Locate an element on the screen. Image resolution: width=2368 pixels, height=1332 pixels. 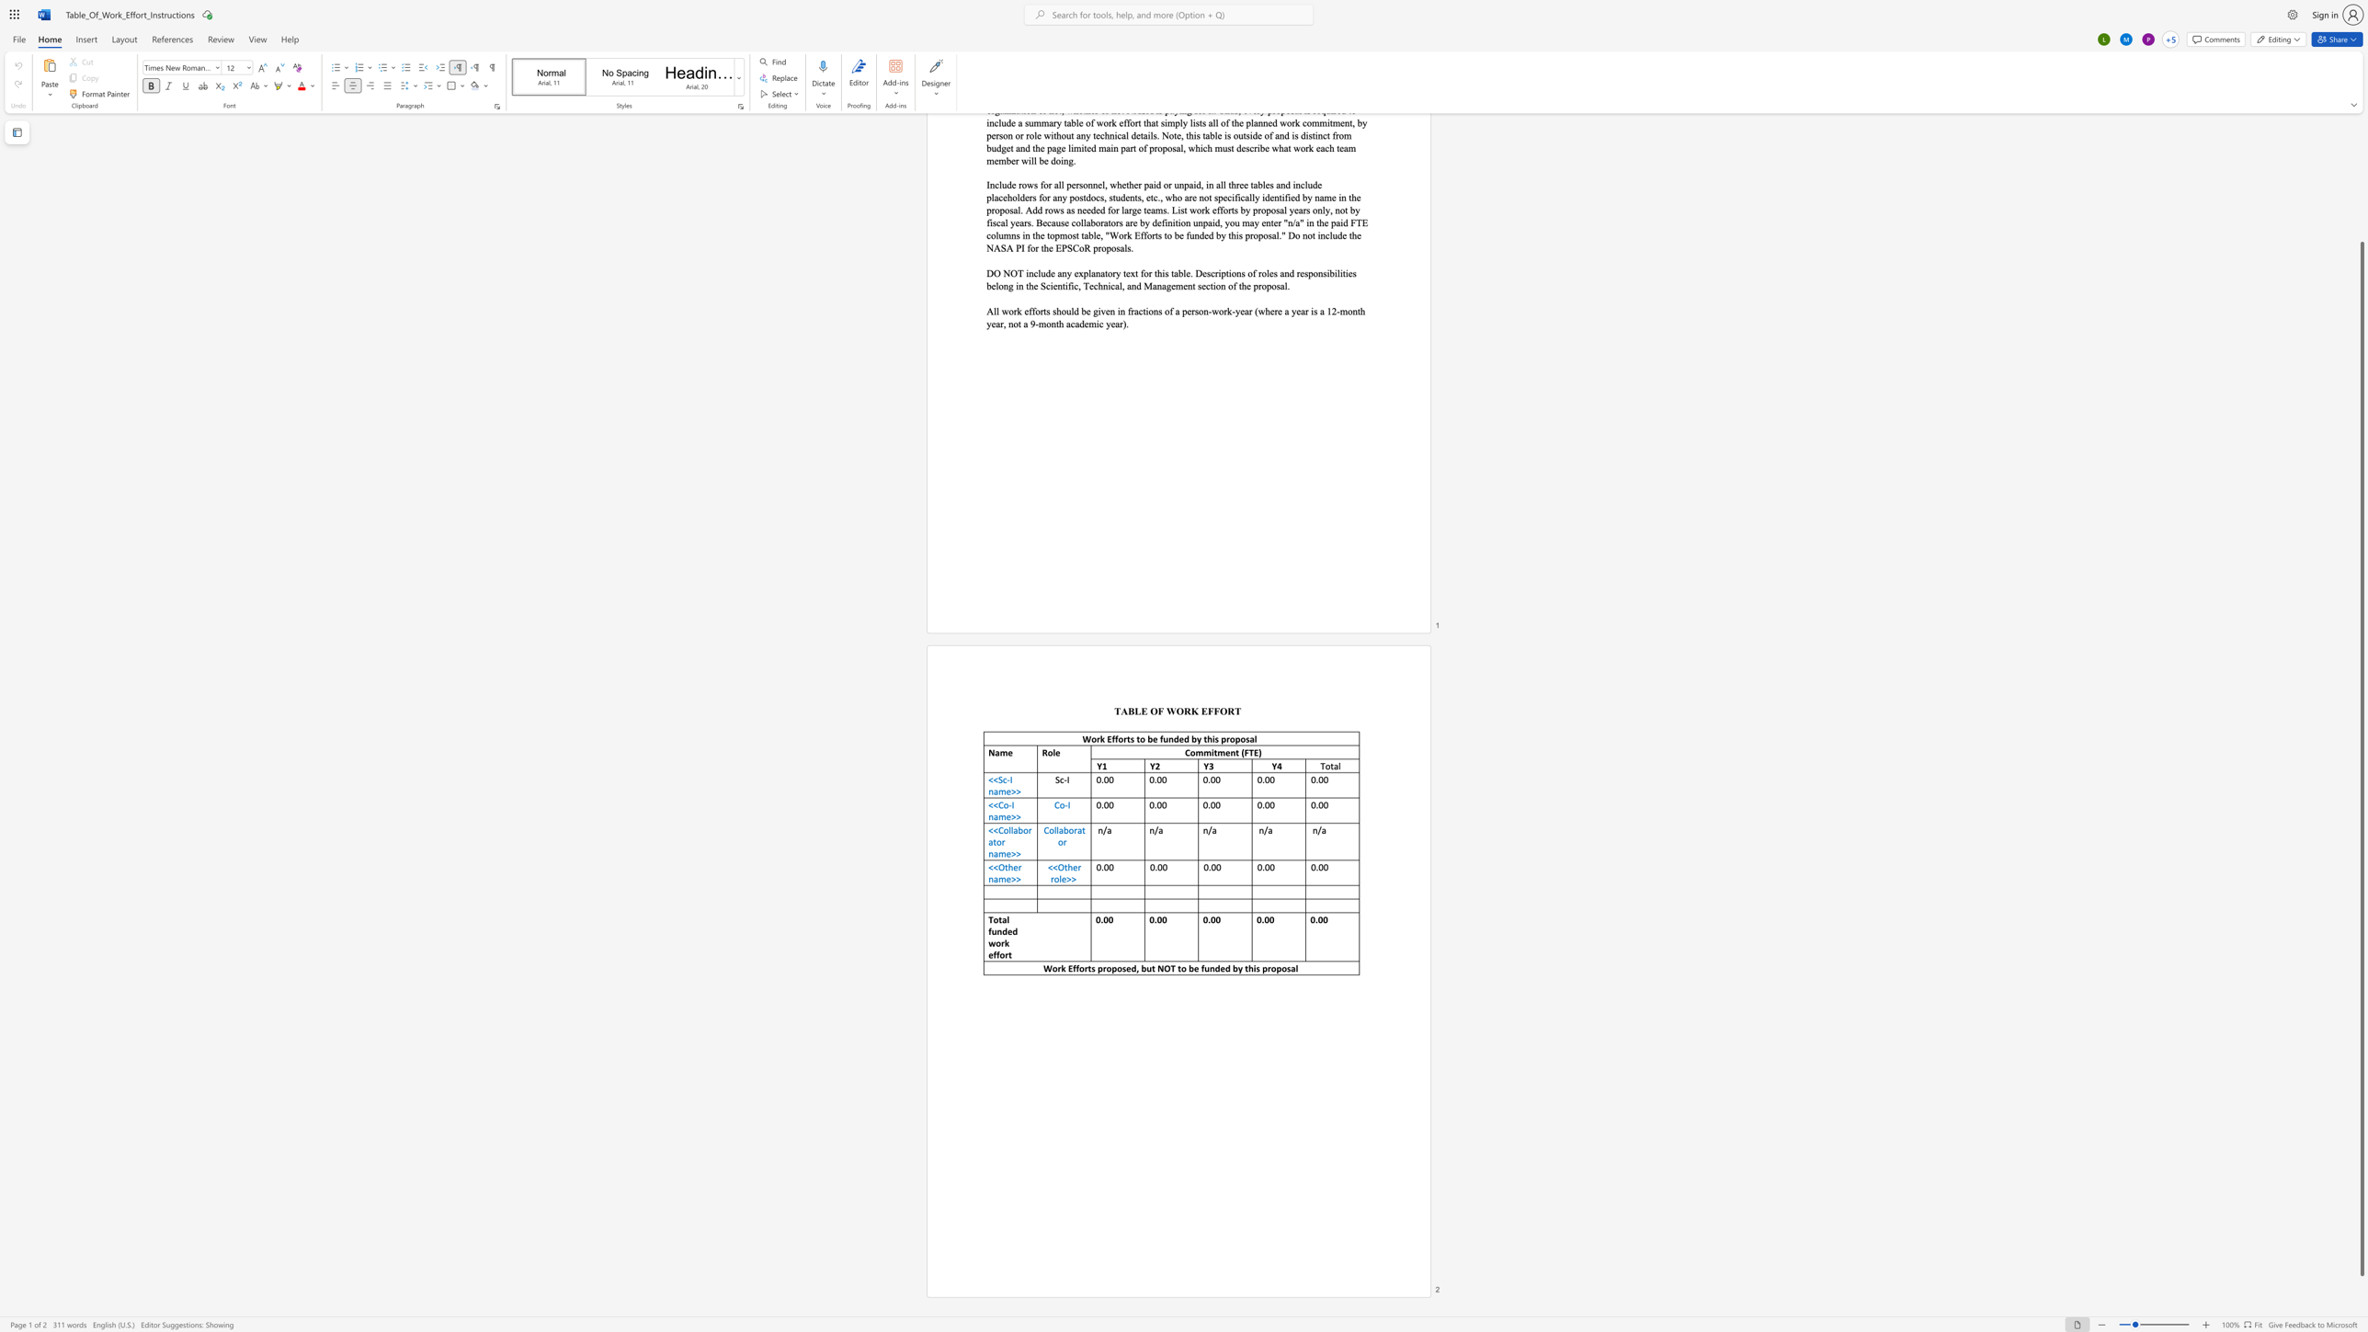
the scrollbar to move the page up is located at coordinates (2361, 228).